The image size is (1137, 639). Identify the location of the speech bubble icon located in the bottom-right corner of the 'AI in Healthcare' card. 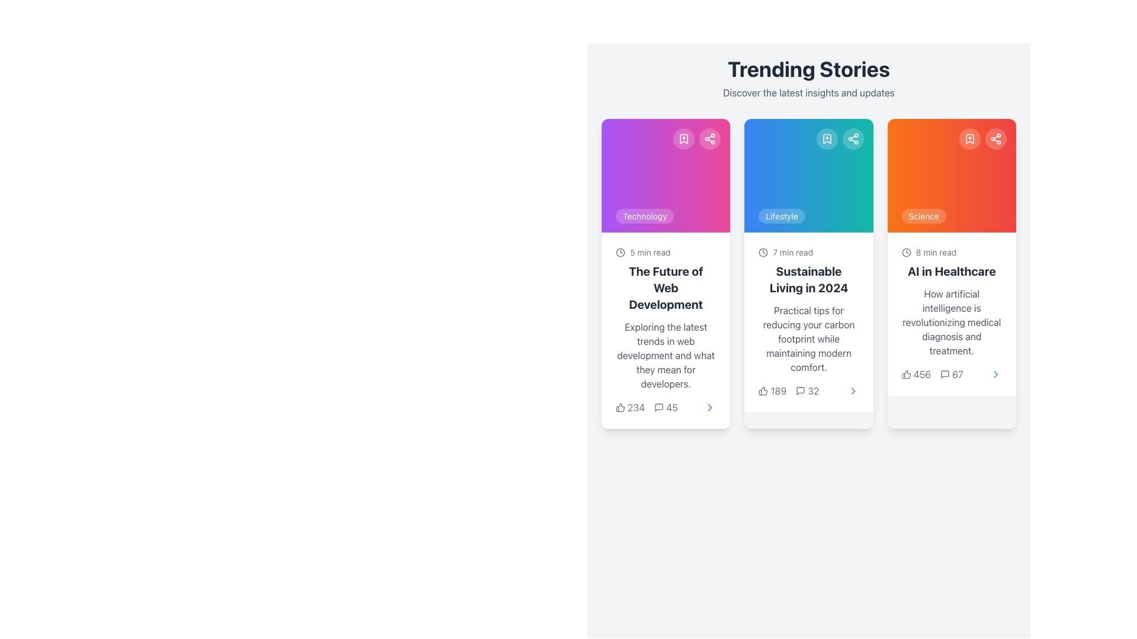
(945, 374).